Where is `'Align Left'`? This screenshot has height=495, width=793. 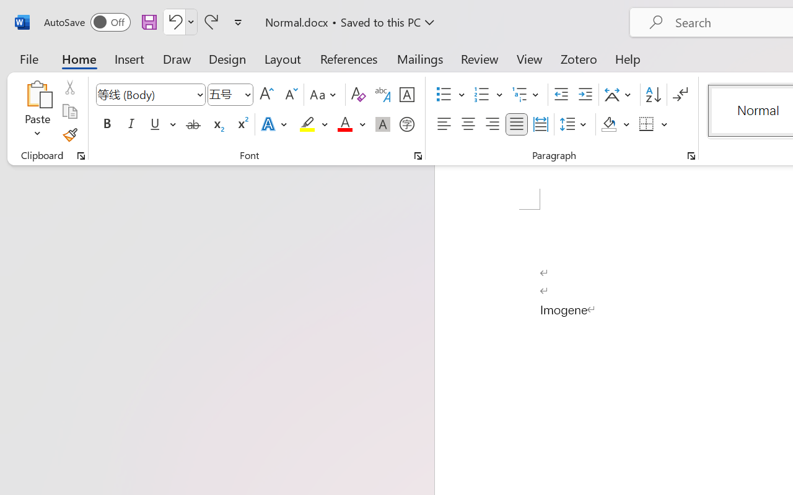 'Align Left' is located at coordinates (444, 124).